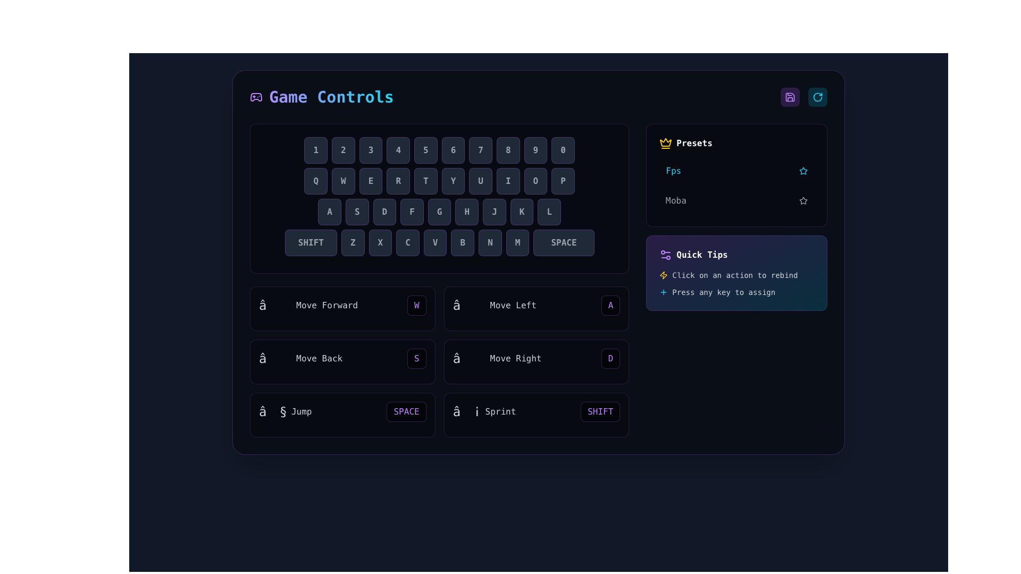 The width and height of the screenshot is (1021, 574). I want to click on the settings icon located to the far left within the 'Quick Tips' block, which precedes the text 'Quick Tips', so click(665, 255).